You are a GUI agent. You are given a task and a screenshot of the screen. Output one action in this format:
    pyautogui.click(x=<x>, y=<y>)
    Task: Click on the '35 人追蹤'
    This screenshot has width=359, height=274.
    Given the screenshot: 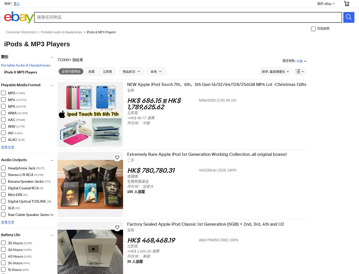 What is the action you would take?
    pyautogui.click(x=138, y=261)
    